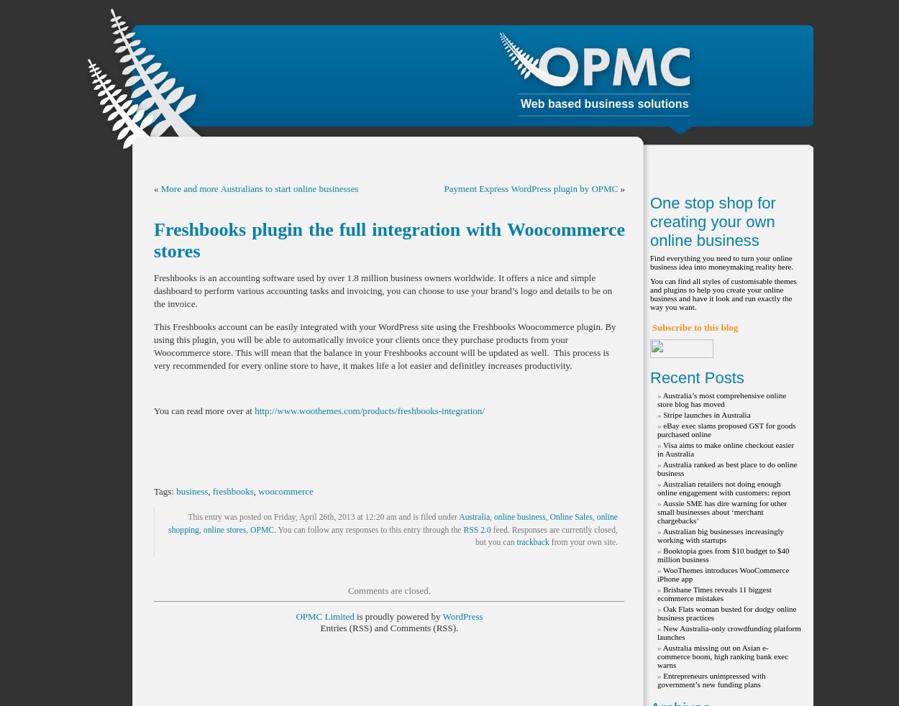  What do you see at coordinates (657, 468) in the screenshot?
I see `'Australia ranked as best place to do online business'` at bounding box center [657, 468].